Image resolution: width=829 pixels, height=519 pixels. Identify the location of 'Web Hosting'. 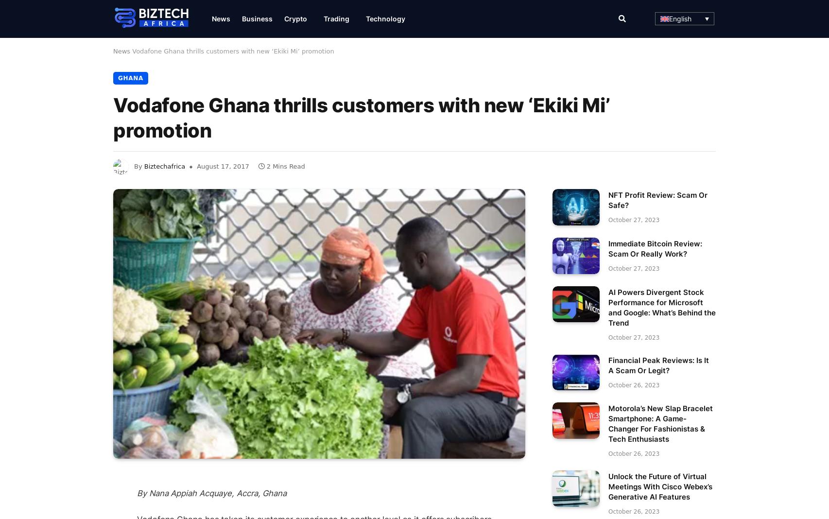
(396, 103).